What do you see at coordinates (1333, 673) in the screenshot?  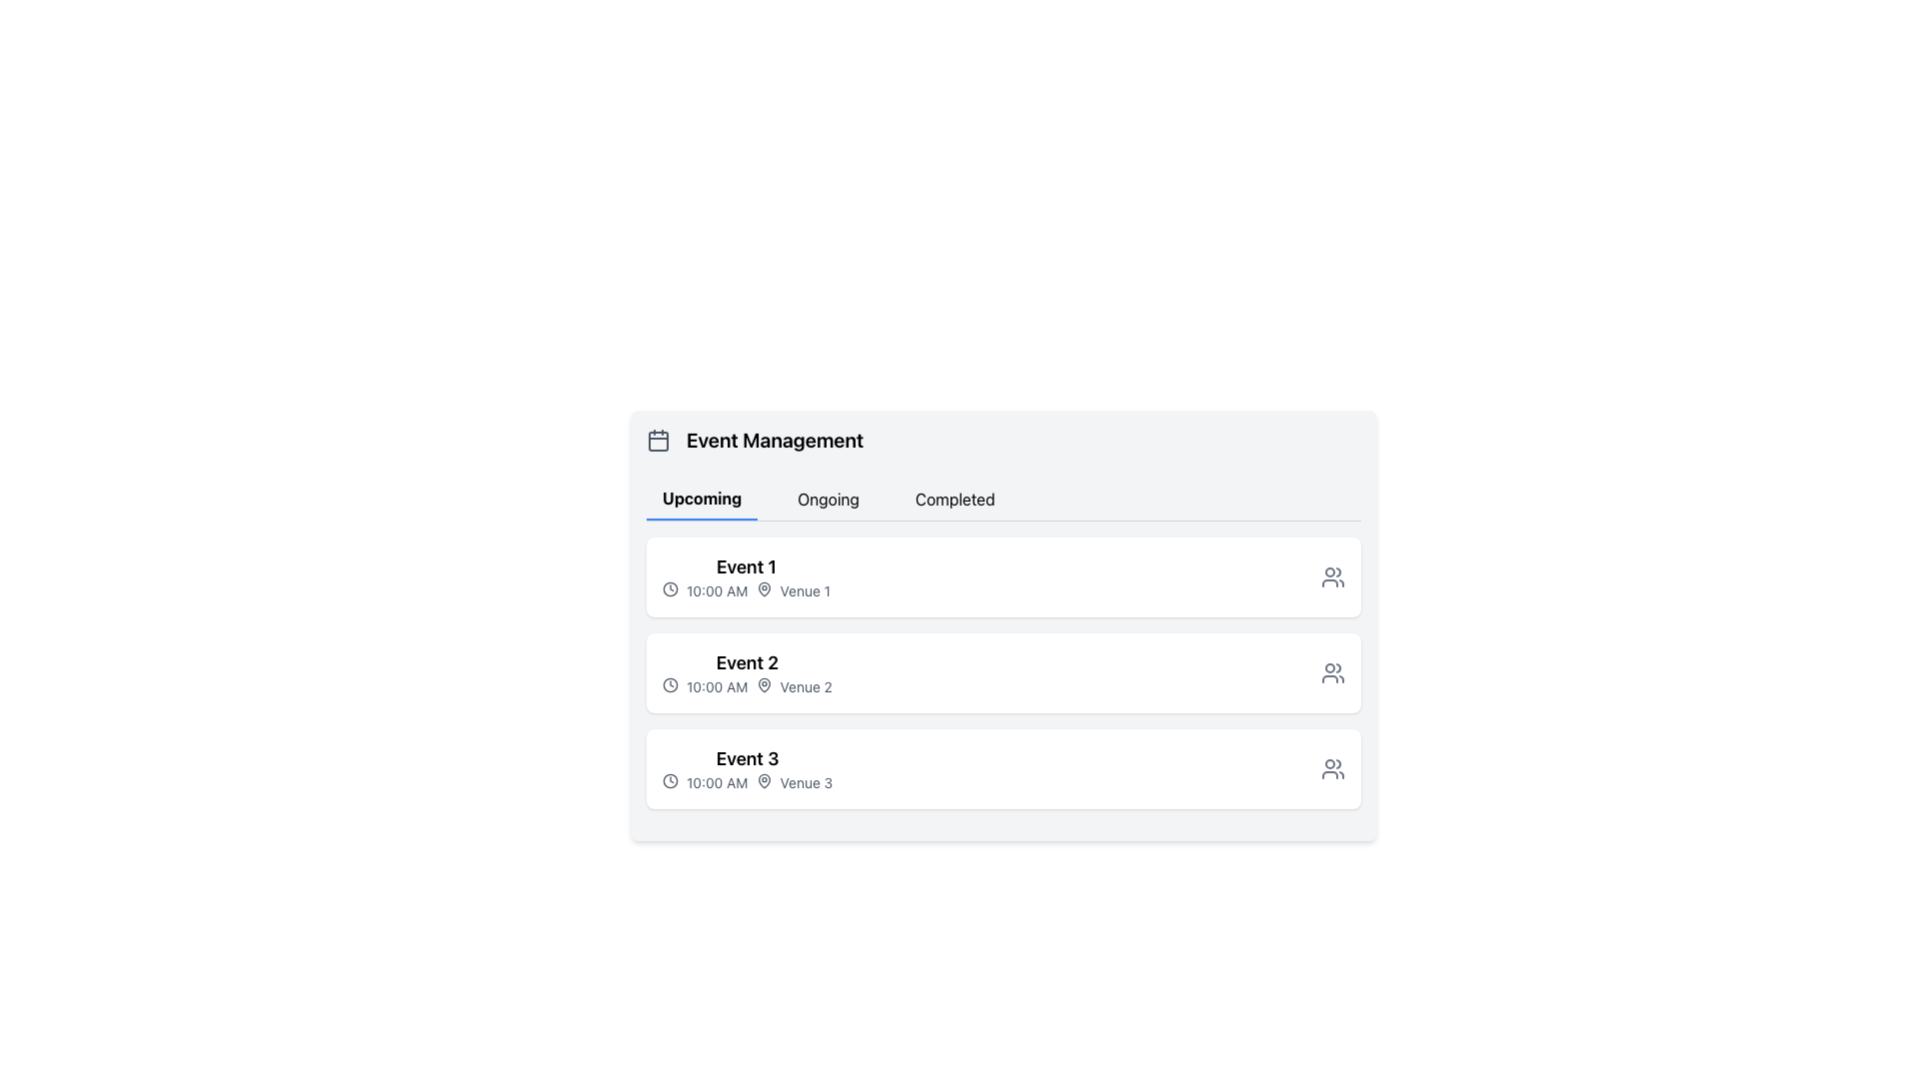 I see `the gray user group icon located on the rightmost side of the row containing 'Event 2' in the 'Upcoming' events list` at bounding box center [1333, 673].